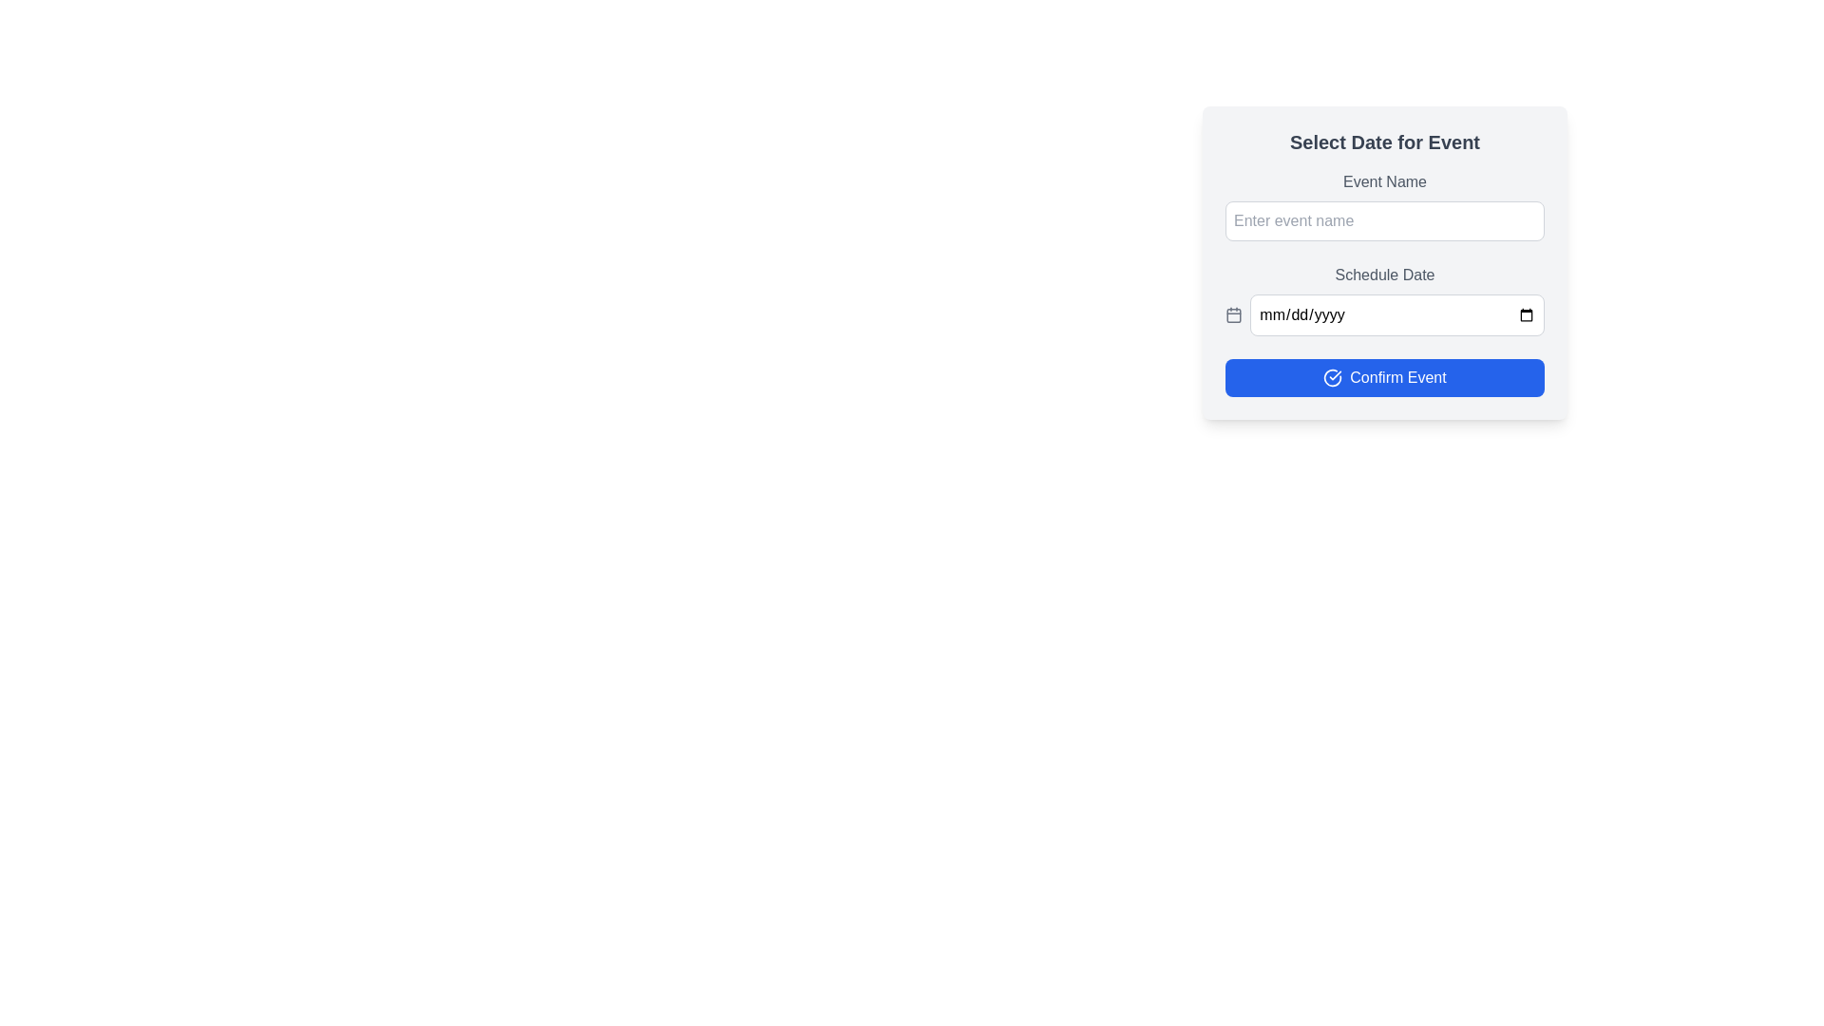 This screenshot has width=1824, height=1026. I want to click on the decorative vector graphic that serves as a confirmation indicator, located slightly to the left of the text inside the 'Confirm Event' button, so click(1332, 377).